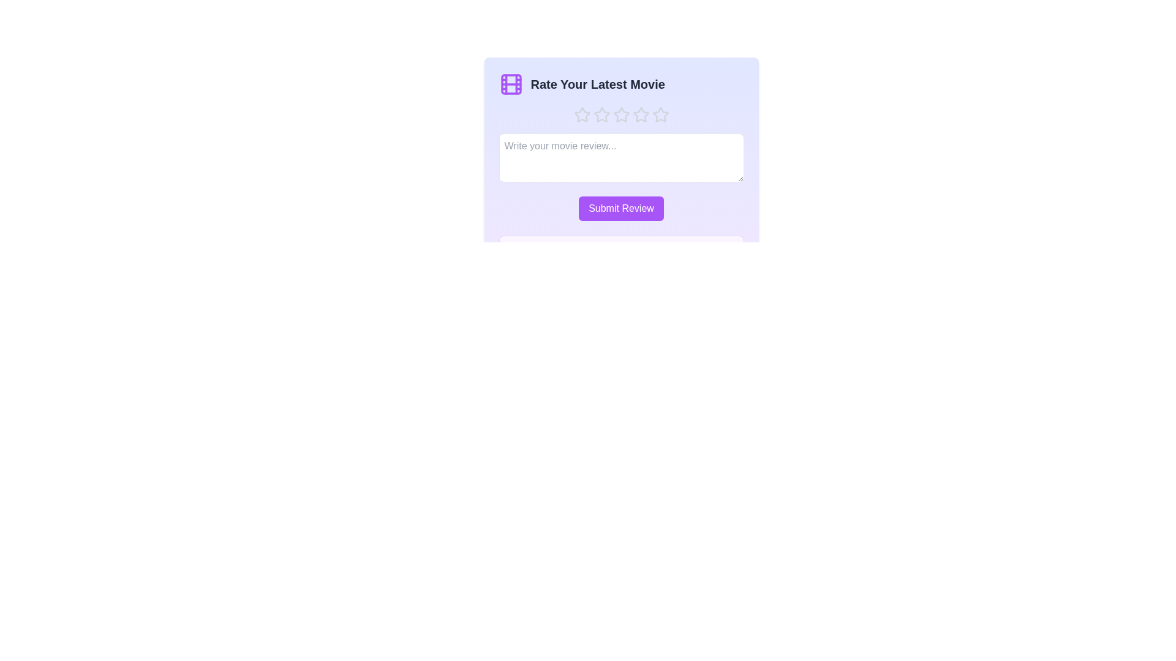 The height and width of the screenshot is (661, 1176). I want to click on the movie rating to 1 stars by clicking on the corresponding star, so click(581, 115).